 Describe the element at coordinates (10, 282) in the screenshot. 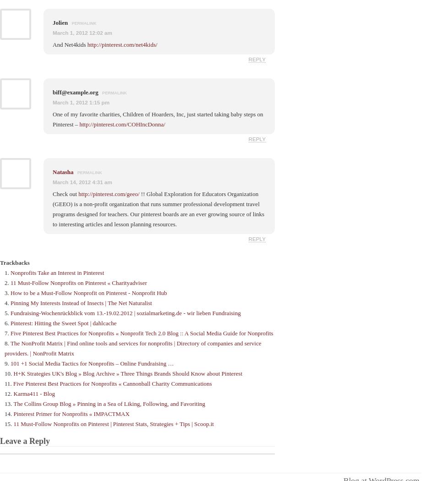

I see `'11 Must-Follow Nonprofits on Pinterest « Charityadviser'` at that location.